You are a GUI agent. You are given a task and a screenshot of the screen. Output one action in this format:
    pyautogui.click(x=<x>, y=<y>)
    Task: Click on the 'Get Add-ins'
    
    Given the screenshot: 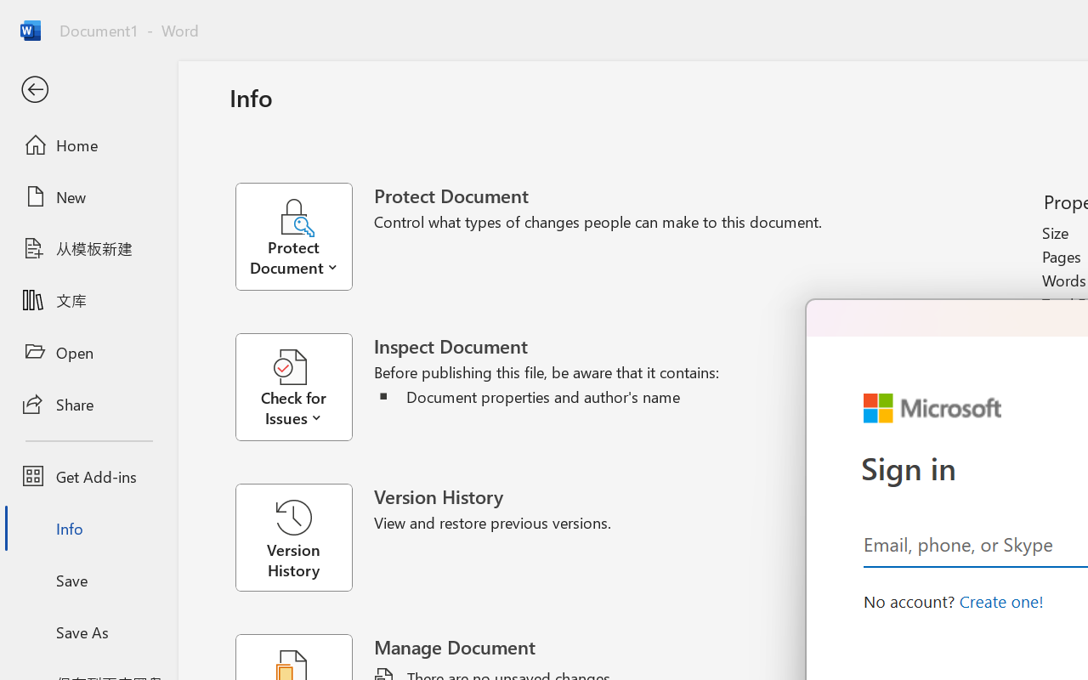 What is the action you would take?
    pyautogui.click(x=88, y=476)
    